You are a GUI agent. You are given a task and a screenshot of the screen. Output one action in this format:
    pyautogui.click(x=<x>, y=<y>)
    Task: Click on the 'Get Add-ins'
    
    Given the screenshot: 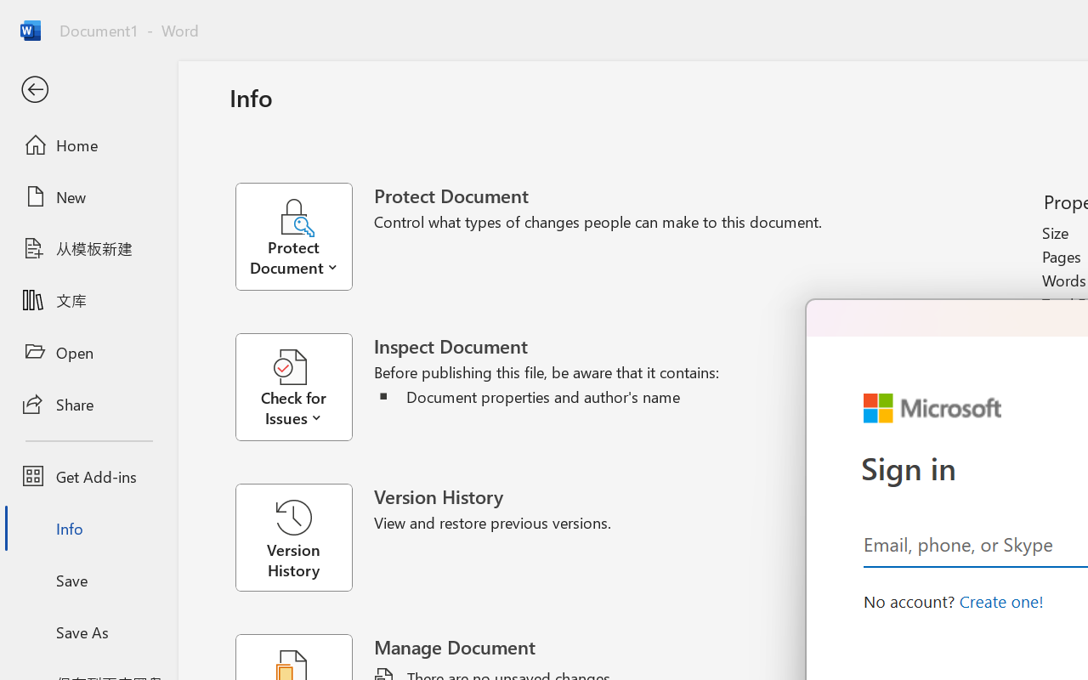 What is the action you would take?
    pyautogui.click(x=88, y=476)
    